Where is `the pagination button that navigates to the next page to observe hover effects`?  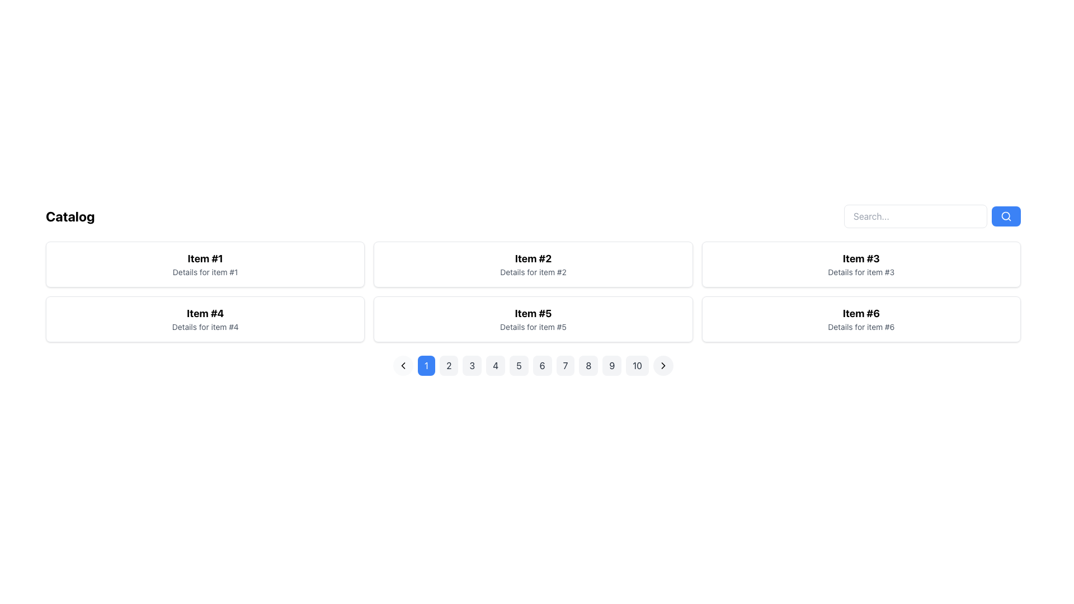 the pagination button that navigates to the next page to observe hover effects is located at coordinates (663, 366).